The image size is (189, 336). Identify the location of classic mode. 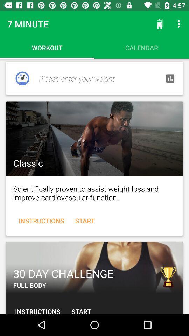
(94, 138).